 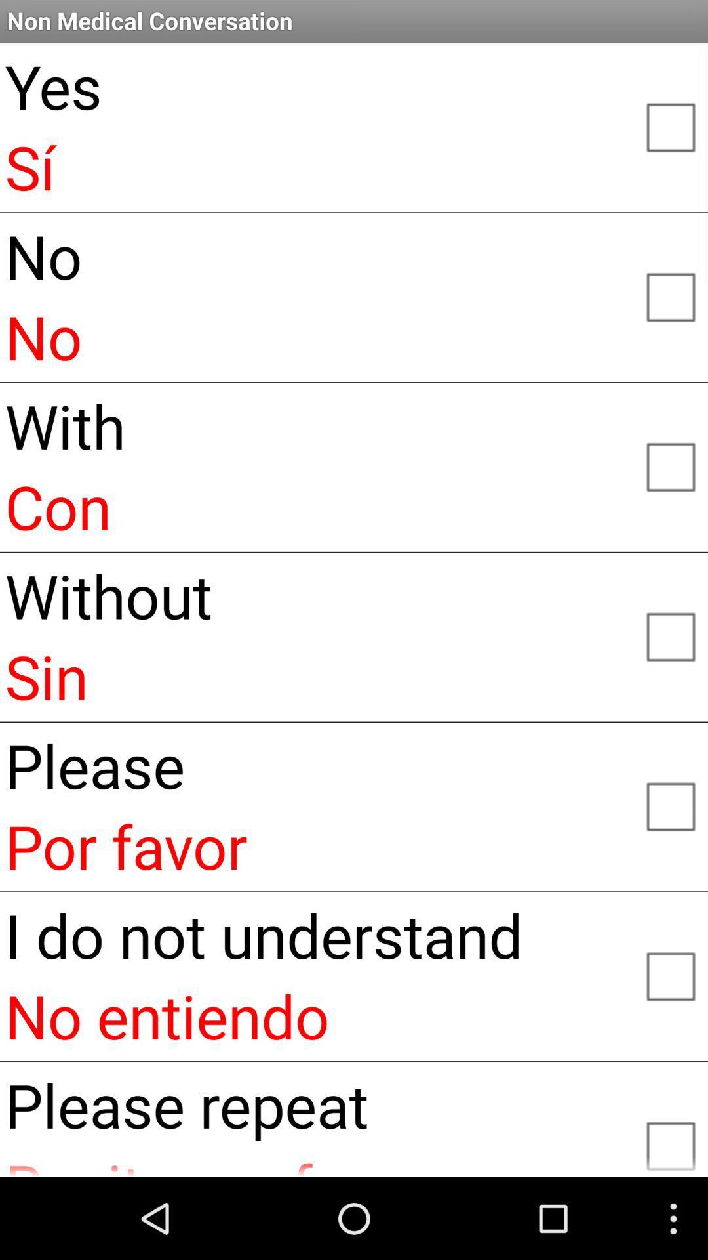 I want to click on switch no, so click(x=670, y=295).